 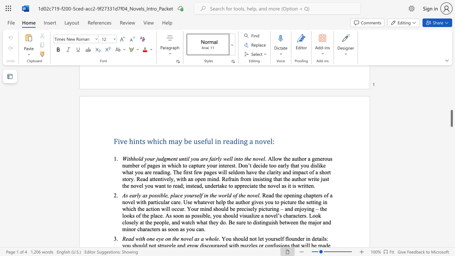 I want to click on the scrollbar on the right, so click(x=451, y=113).